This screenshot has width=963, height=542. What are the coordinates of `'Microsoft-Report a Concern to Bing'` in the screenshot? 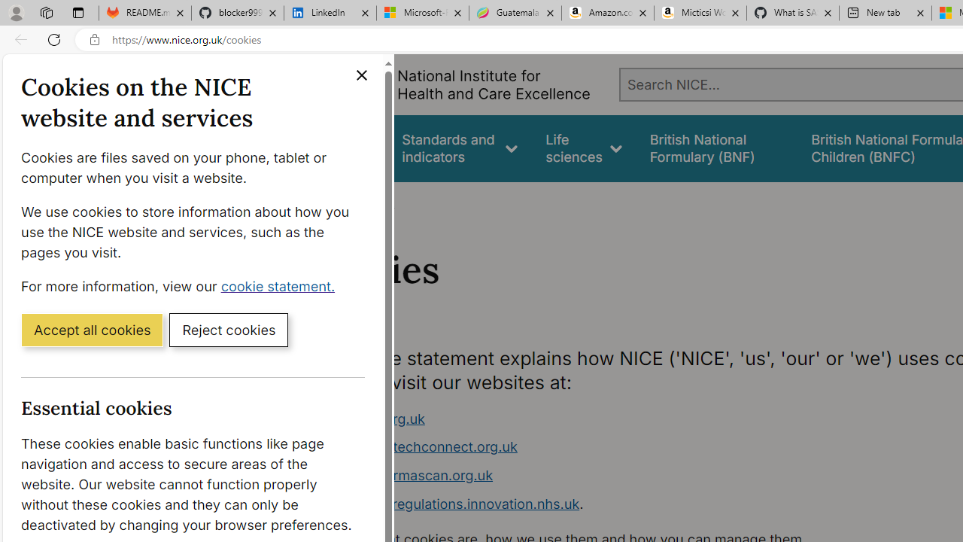 It's located at (421, 13).